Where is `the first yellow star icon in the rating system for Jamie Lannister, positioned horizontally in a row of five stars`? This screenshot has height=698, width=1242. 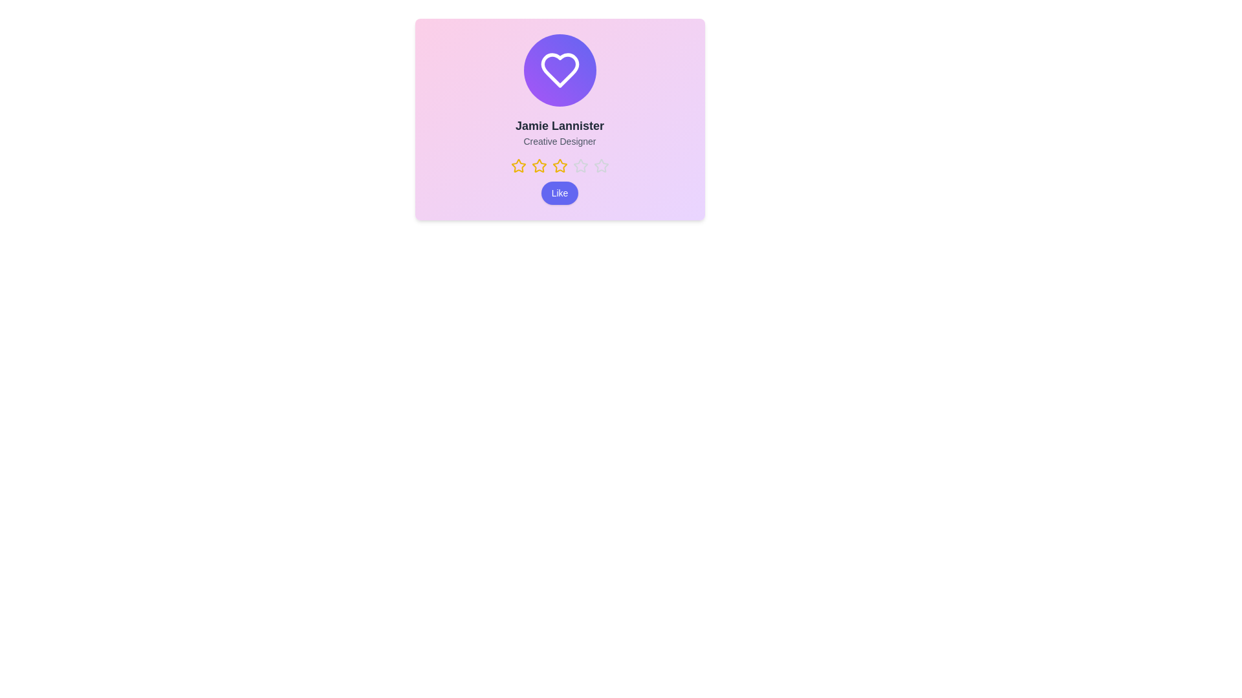
the first yellow star icon in the rating system for Jamie Lannister, positioned horizontally in a row of five stars is located at coordinates (518, 165).